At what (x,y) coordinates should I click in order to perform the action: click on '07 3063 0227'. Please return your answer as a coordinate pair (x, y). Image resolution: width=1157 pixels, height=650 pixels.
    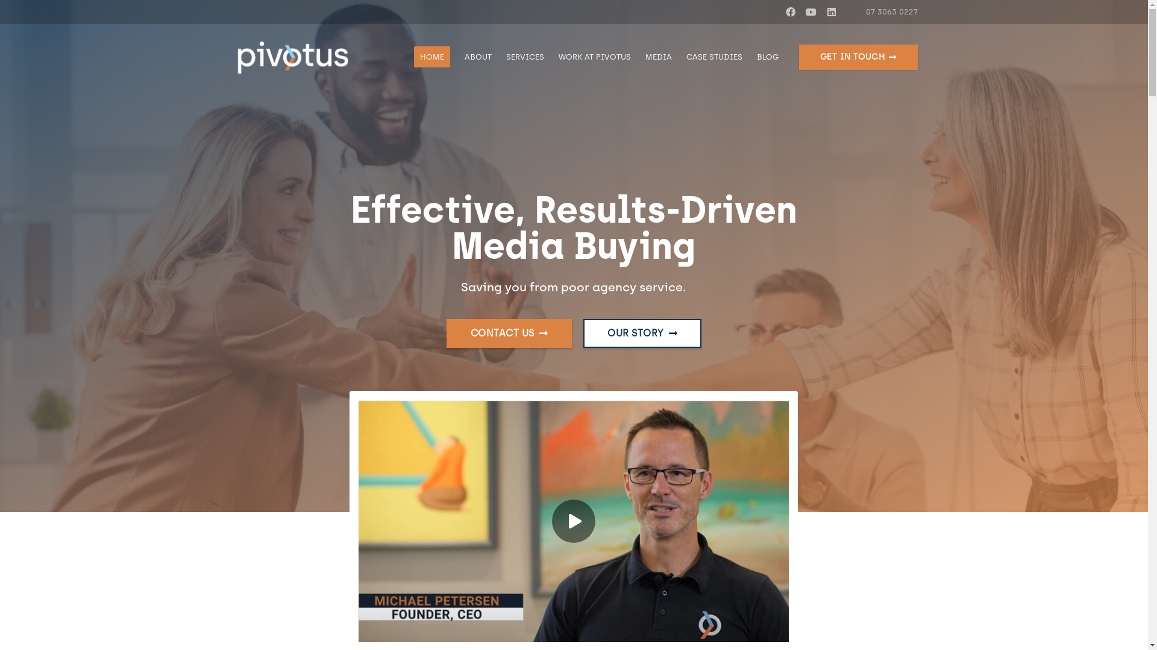
    Looking at the image, I should click on (885, 11).